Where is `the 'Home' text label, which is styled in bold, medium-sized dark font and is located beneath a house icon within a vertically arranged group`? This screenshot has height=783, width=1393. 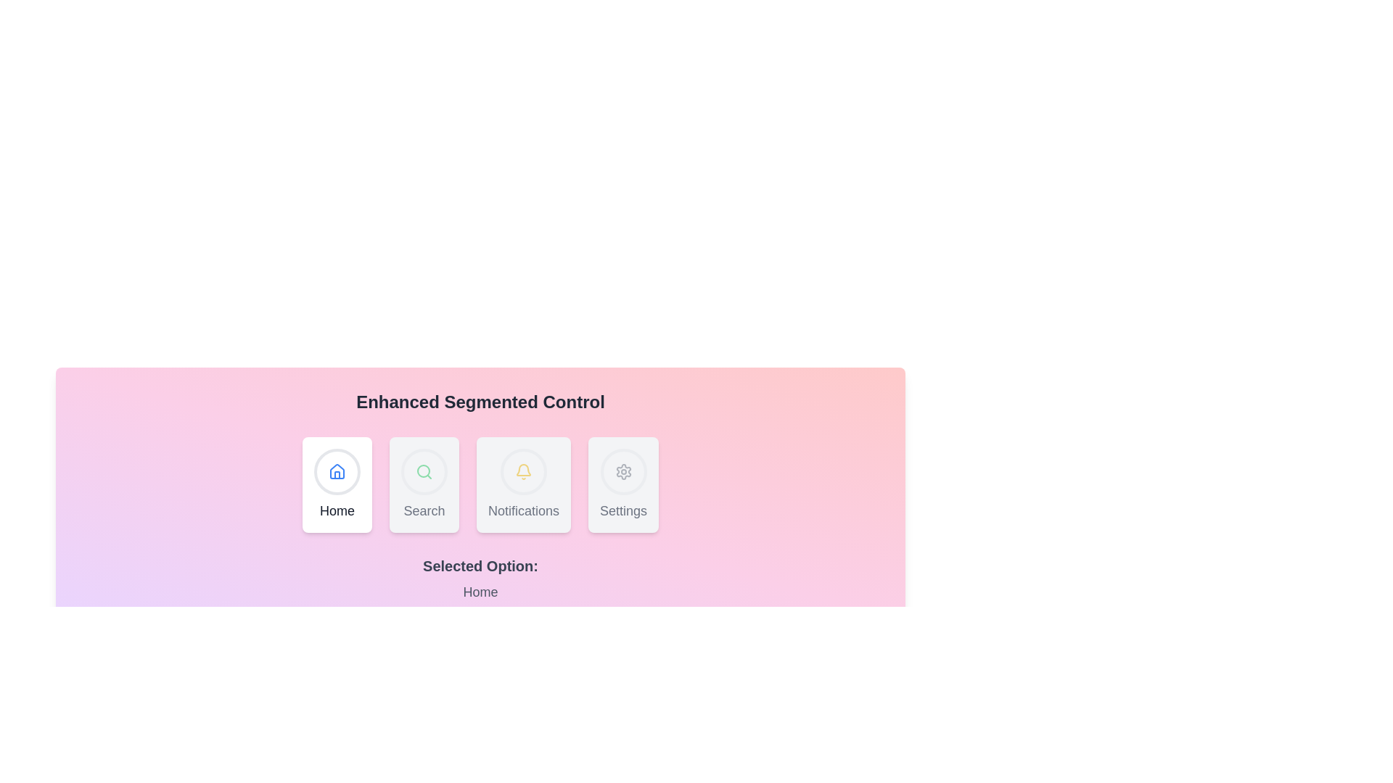
the 'Home' text label, which is styled in bold, medium-sized dark font and is located beneath a house icon within a vertically arranged group is located at coordinates (337, 510).